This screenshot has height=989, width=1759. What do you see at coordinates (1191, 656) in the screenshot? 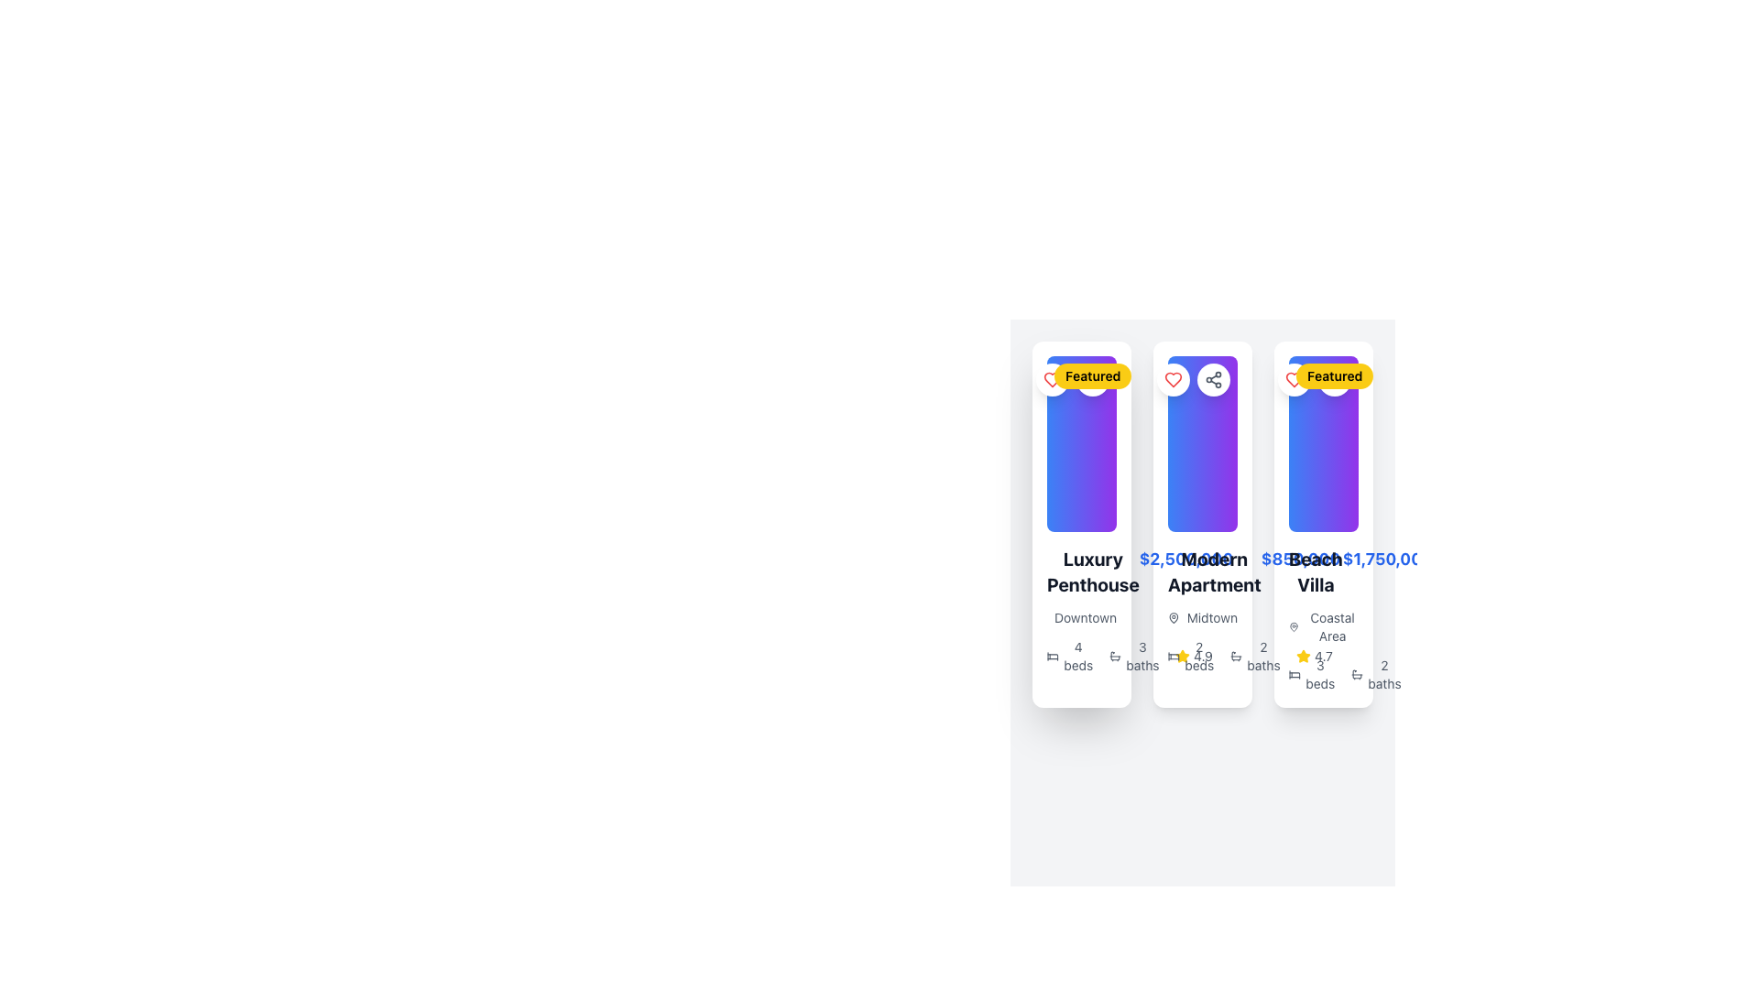
I see `the text label displaying the number of bedrooms` at bounding box center [1191, 656].